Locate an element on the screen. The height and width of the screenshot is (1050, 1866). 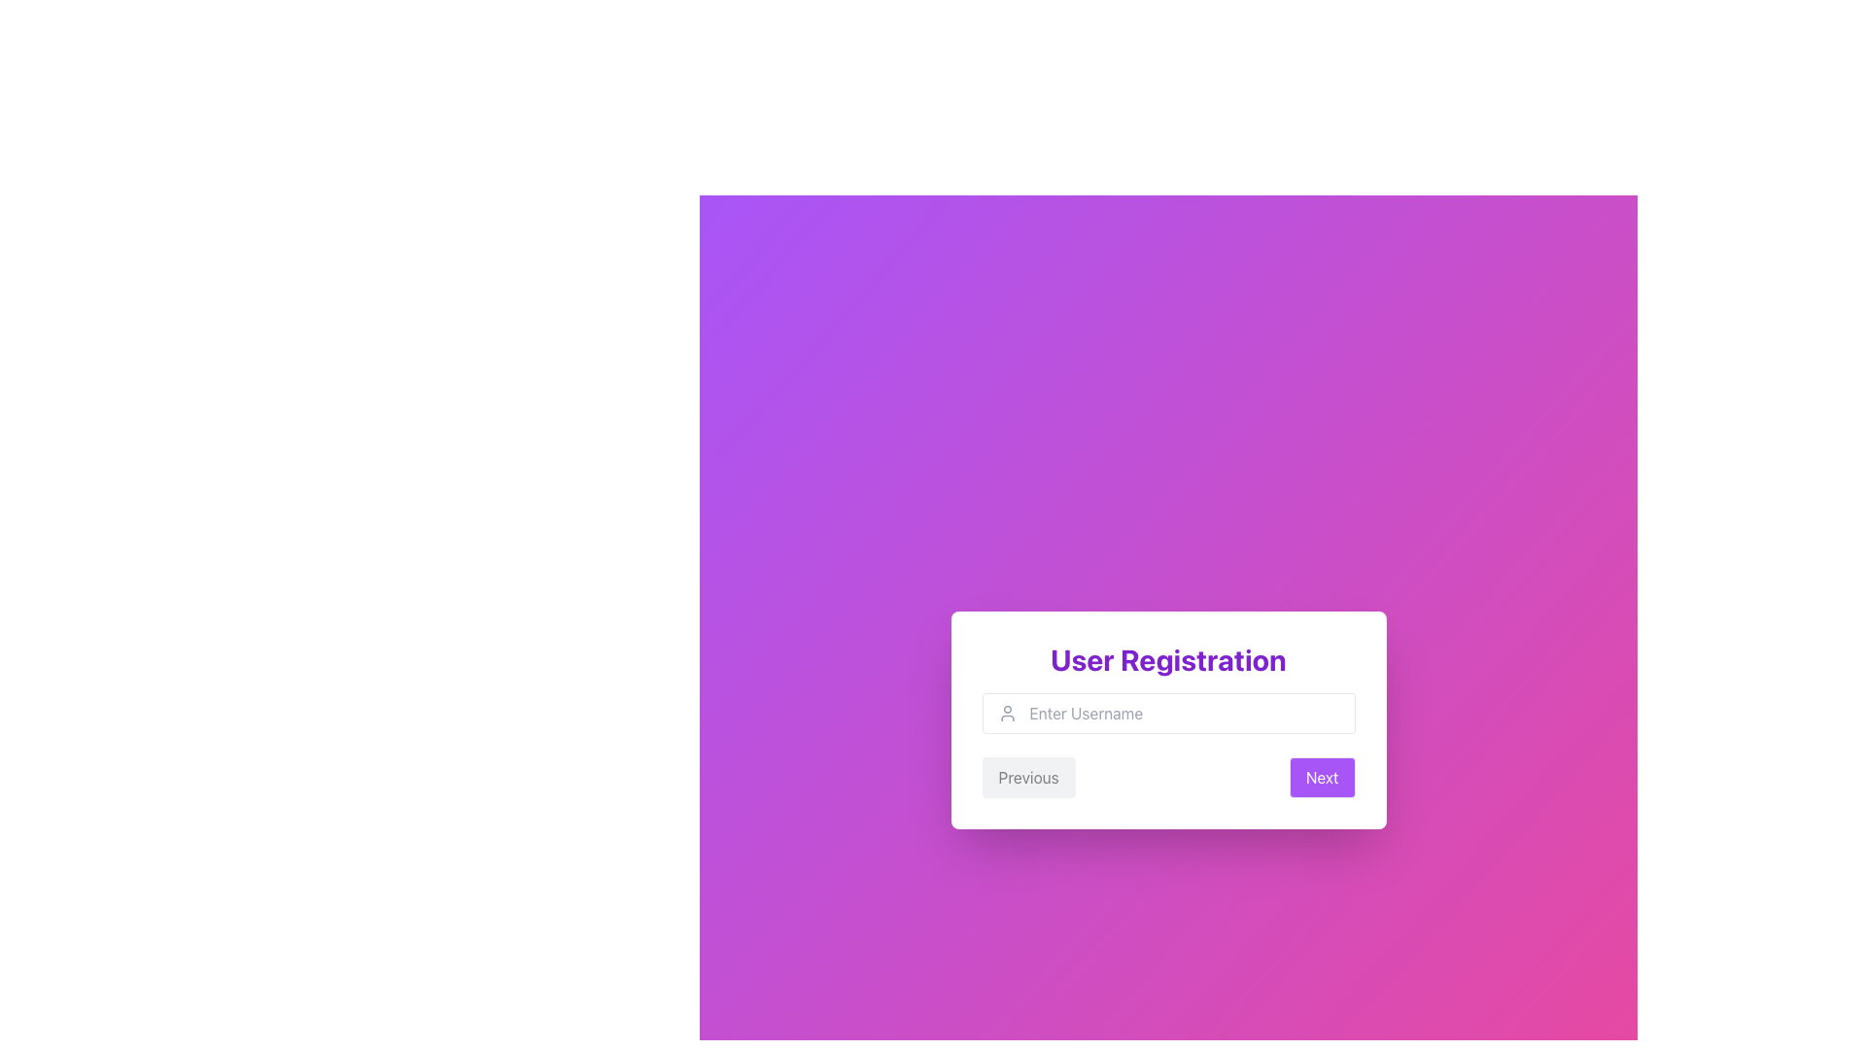
the user icon located to the left inside the 'username' text input field, which enhances the user interface for login context is located at coordinates (1007, 713).